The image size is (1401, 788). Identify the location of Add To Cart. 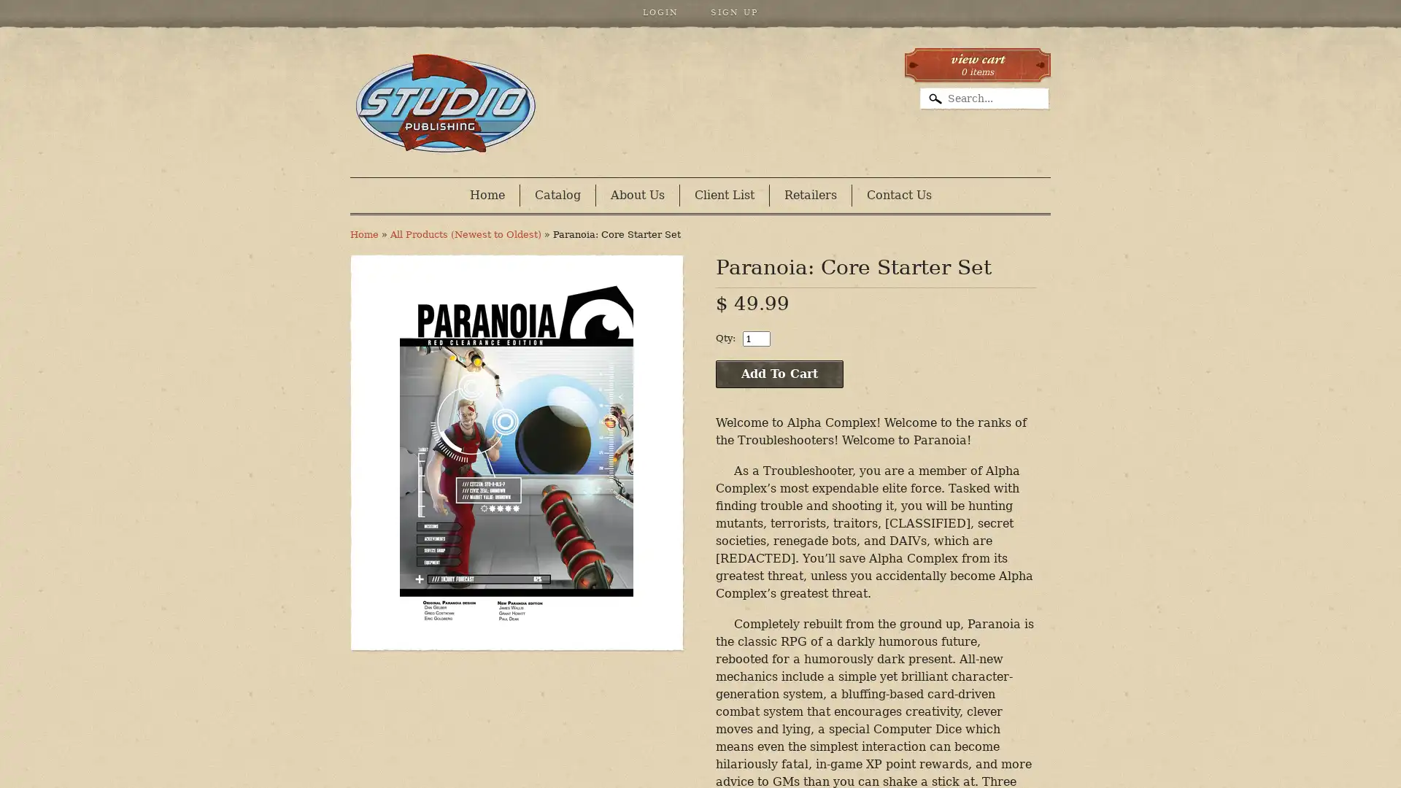
(779, 374).